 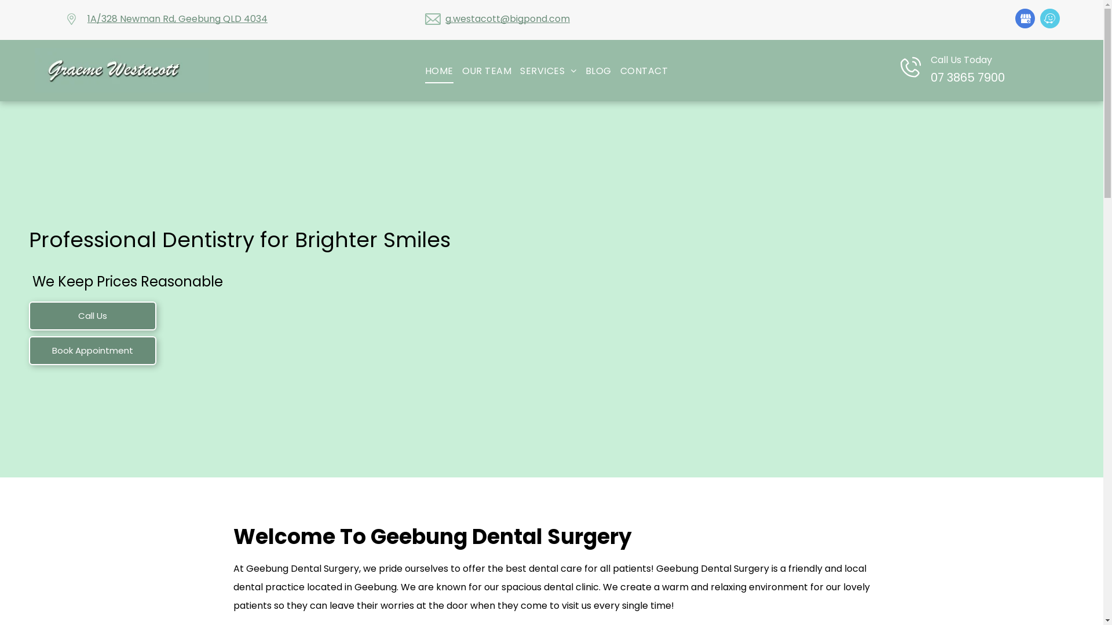 I want to click on '1A/328 Newman Rd, Geebung QLD 4034', so click(x=177, y=19).